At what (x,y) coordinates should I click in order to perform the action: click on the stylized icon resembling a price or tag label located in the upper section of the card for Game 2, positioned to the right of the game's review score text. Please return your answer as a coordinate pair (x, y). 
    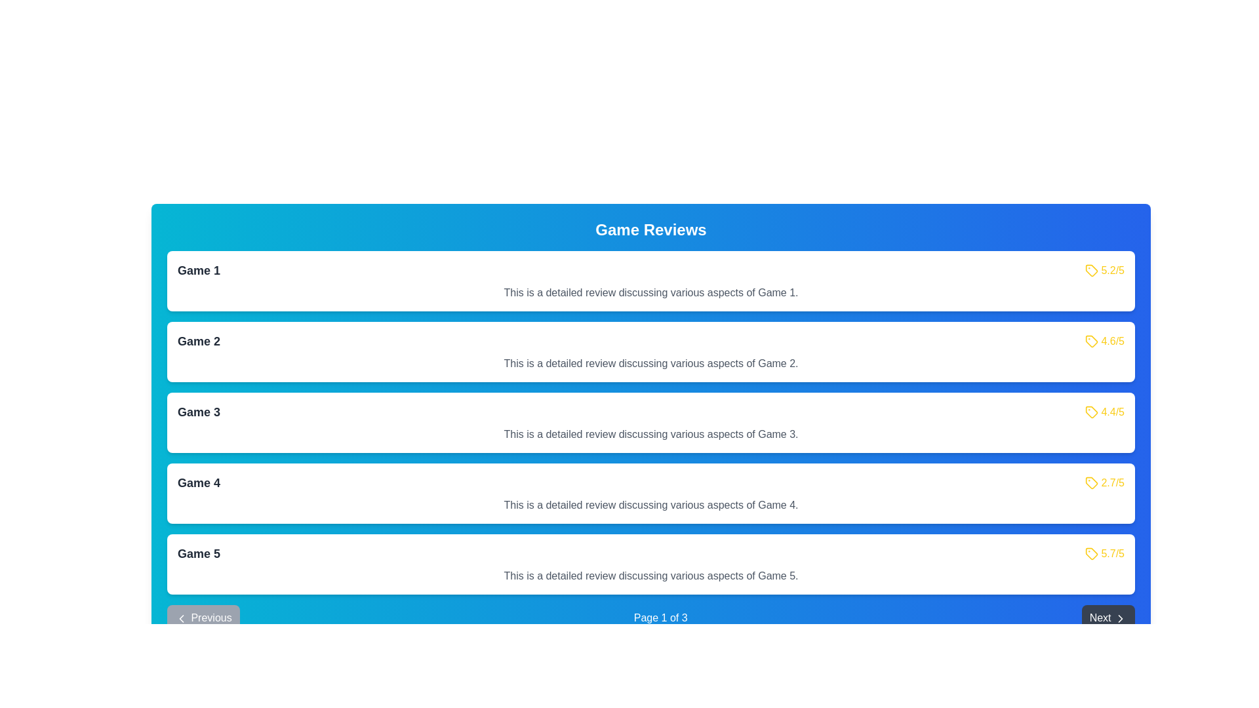
    Looking at the image, I should click on (1092, 269).